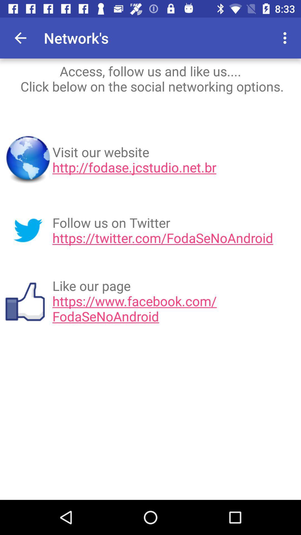 Image resolution: width=301 pixels, height=535 pixels. Describe the element at coordinates (174, 159) in the screenshot. I see `visit our website icon` at that location.